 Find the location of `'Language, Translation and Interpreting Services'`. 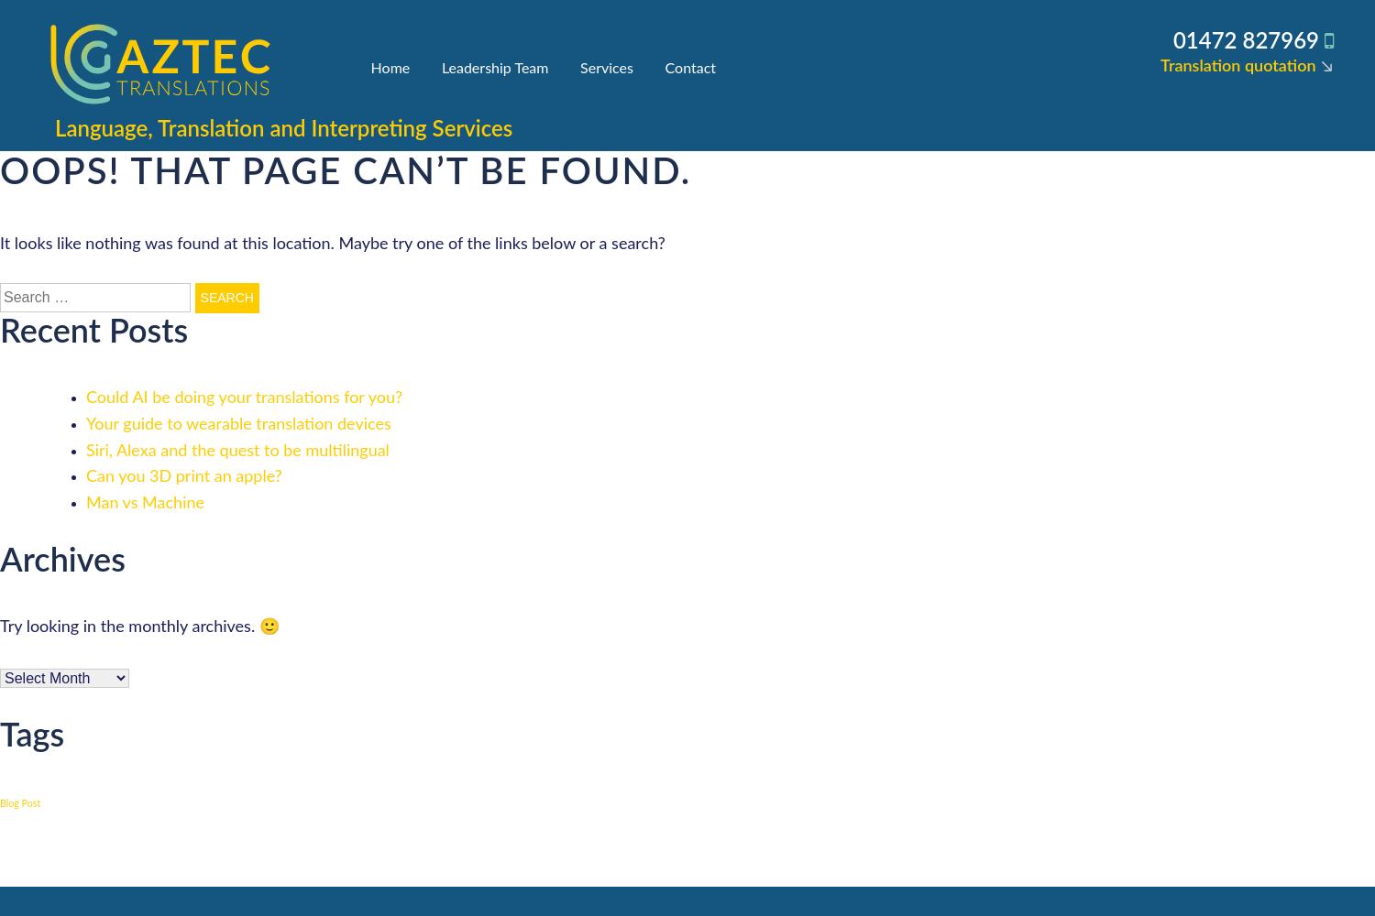

'Language, Translation and Interpreting Services' is located at coordinates (283, 130).